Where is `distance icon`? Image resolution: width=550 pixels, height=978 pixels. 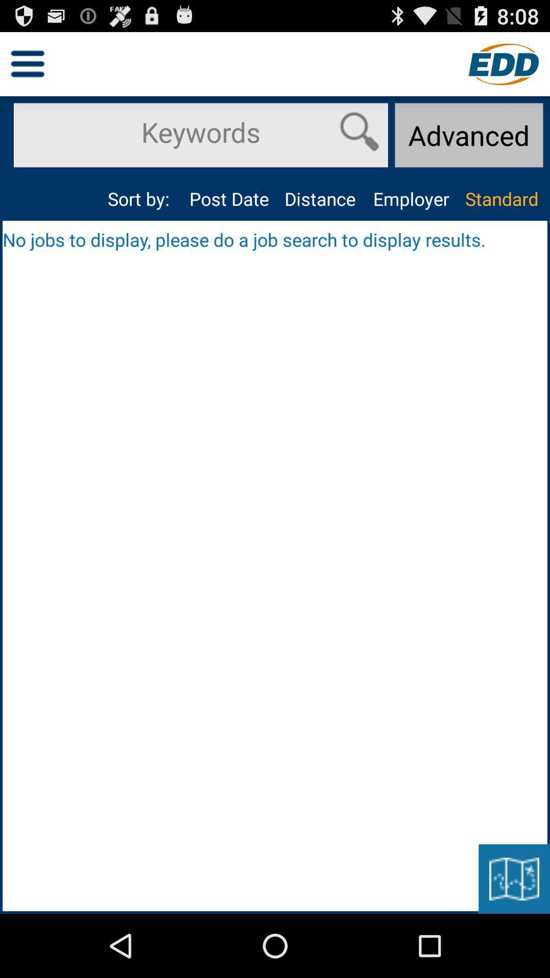
distance icon is located at coordinates (319, 199).